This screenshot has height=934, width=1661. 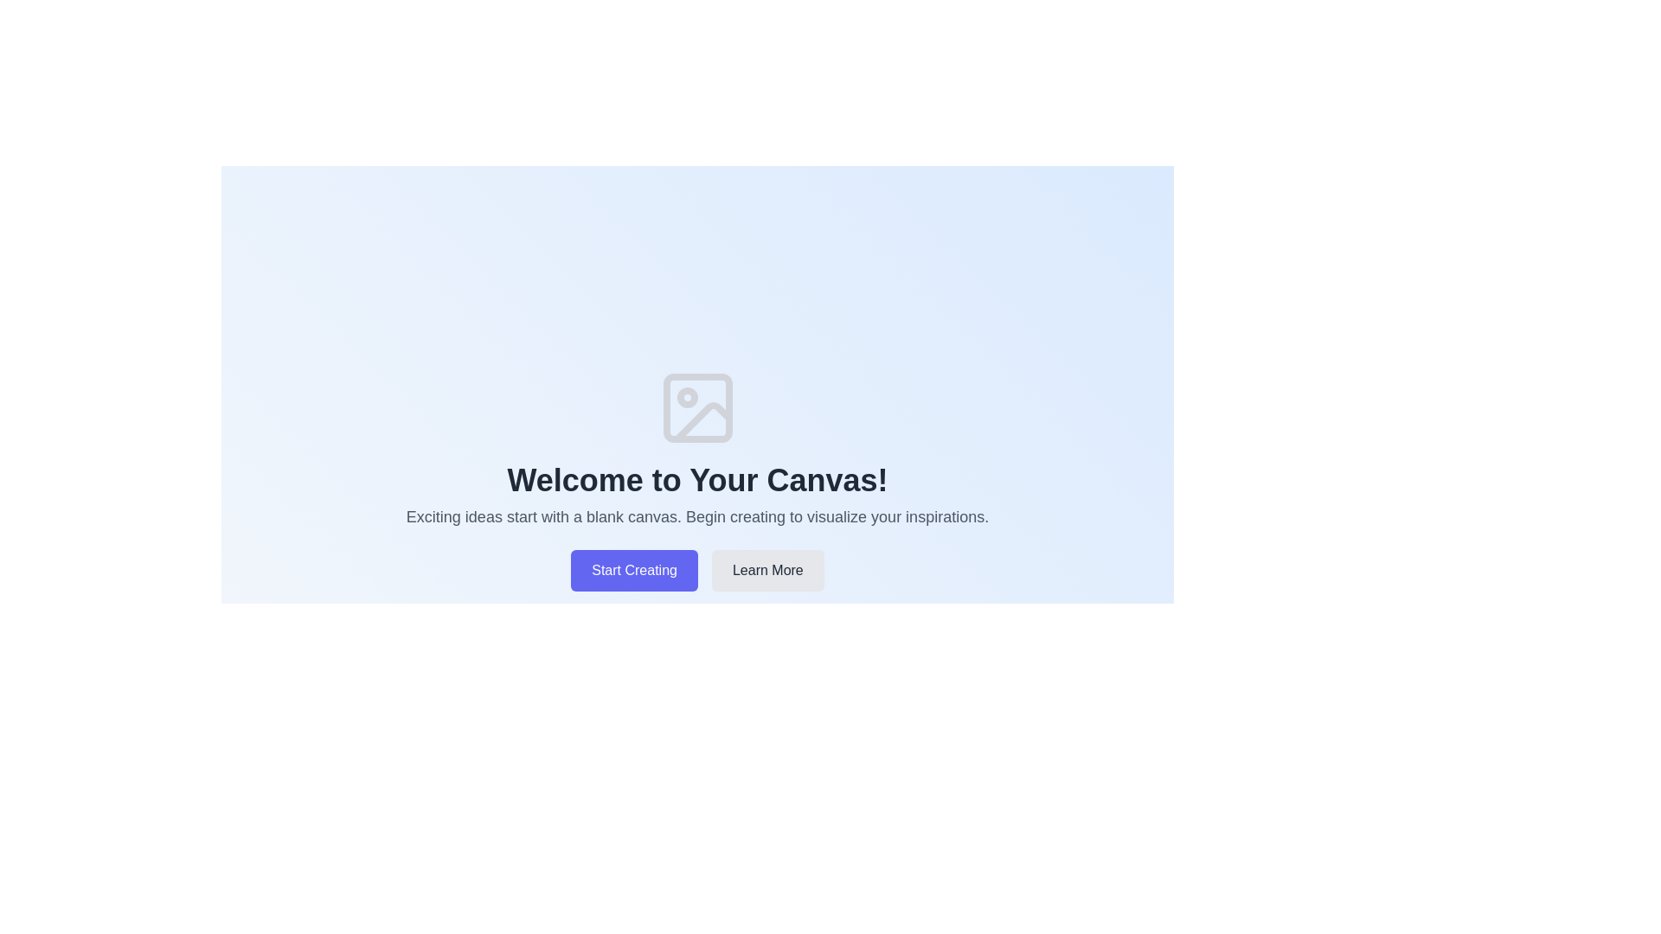 I want to click on the 'Learn More' button located at the bottom center of the page, so click(x=766, y=570).